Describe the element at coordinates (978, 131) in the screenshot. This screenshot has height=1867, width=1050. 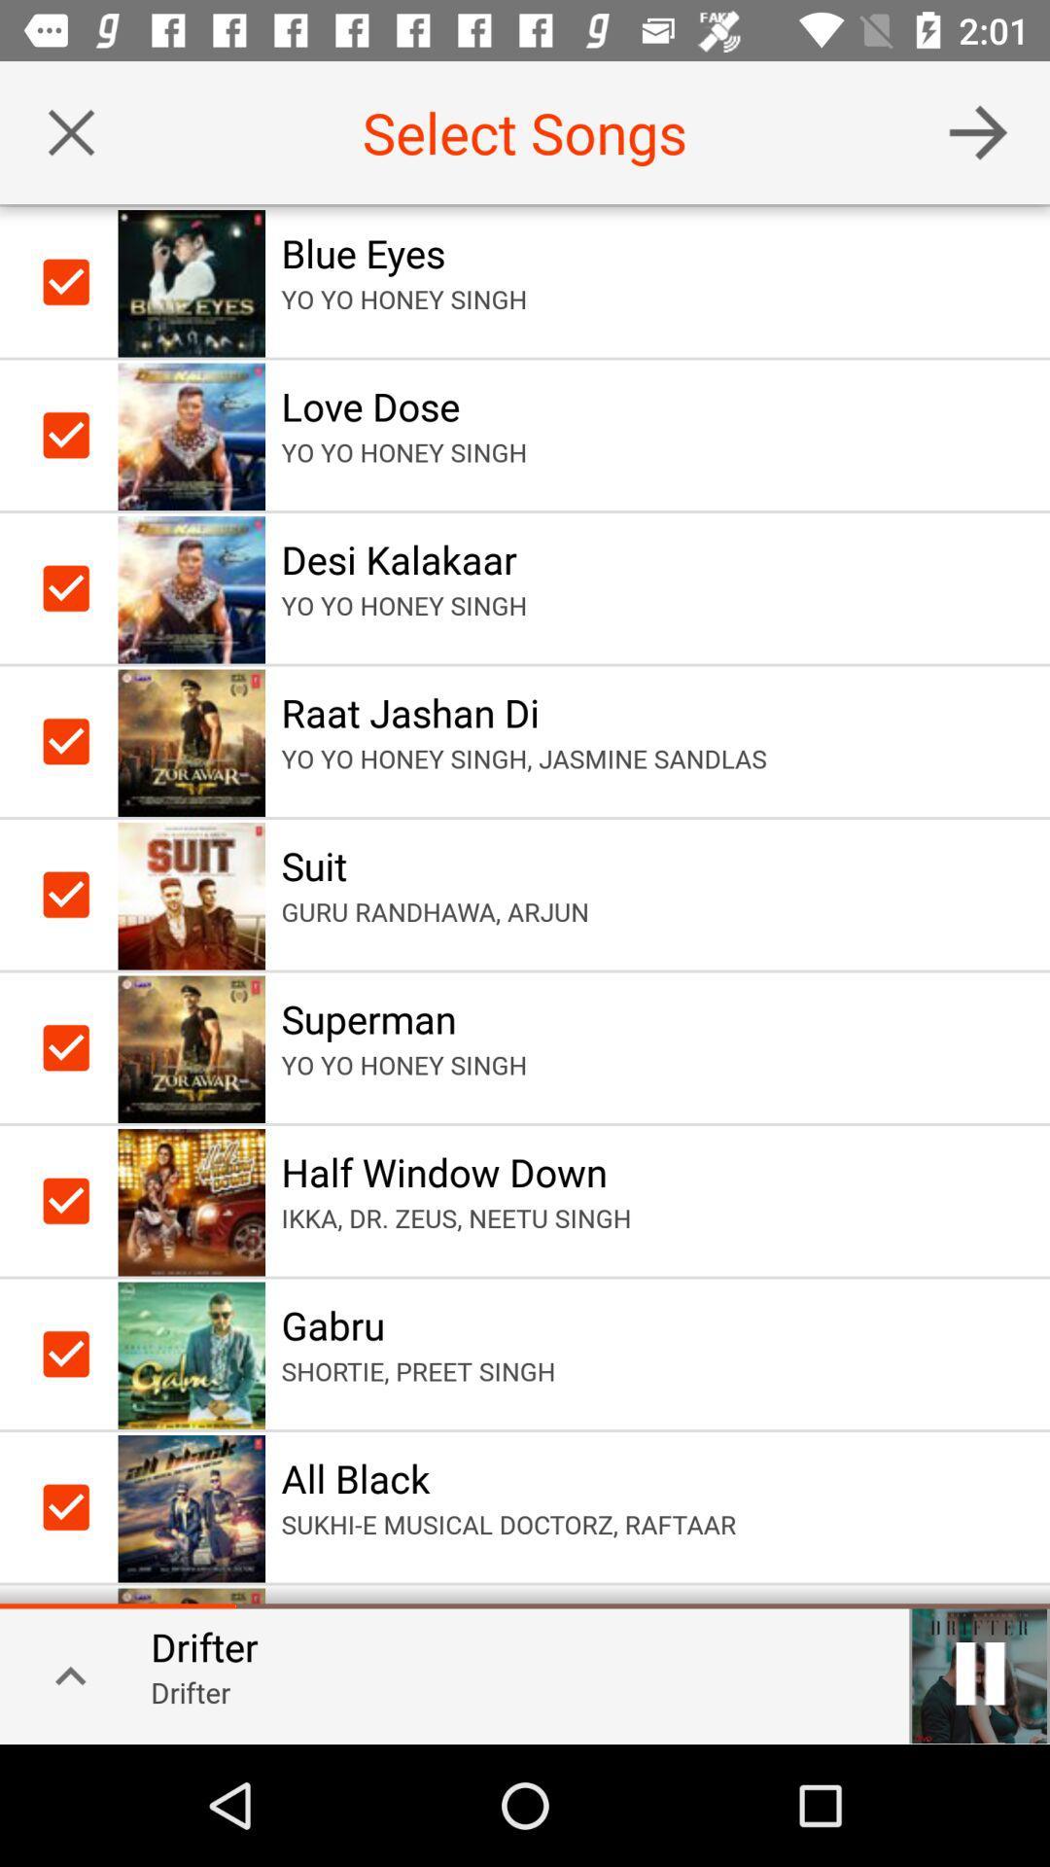
I see `next page` at that location.